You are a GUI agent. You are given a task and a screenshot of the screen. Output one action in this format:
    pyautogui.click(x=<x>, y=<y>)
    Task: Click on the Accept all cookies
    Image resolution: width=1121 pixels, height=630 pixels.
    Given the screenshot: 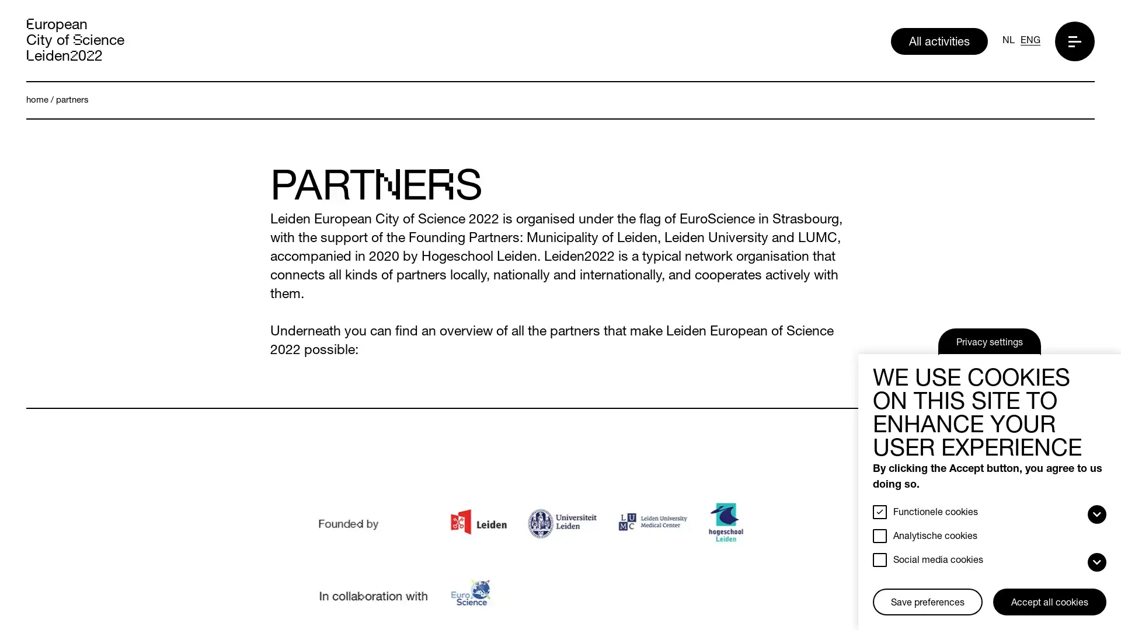 What is the action you would take?
    pyautogui.click(x=1050, y=602)
    